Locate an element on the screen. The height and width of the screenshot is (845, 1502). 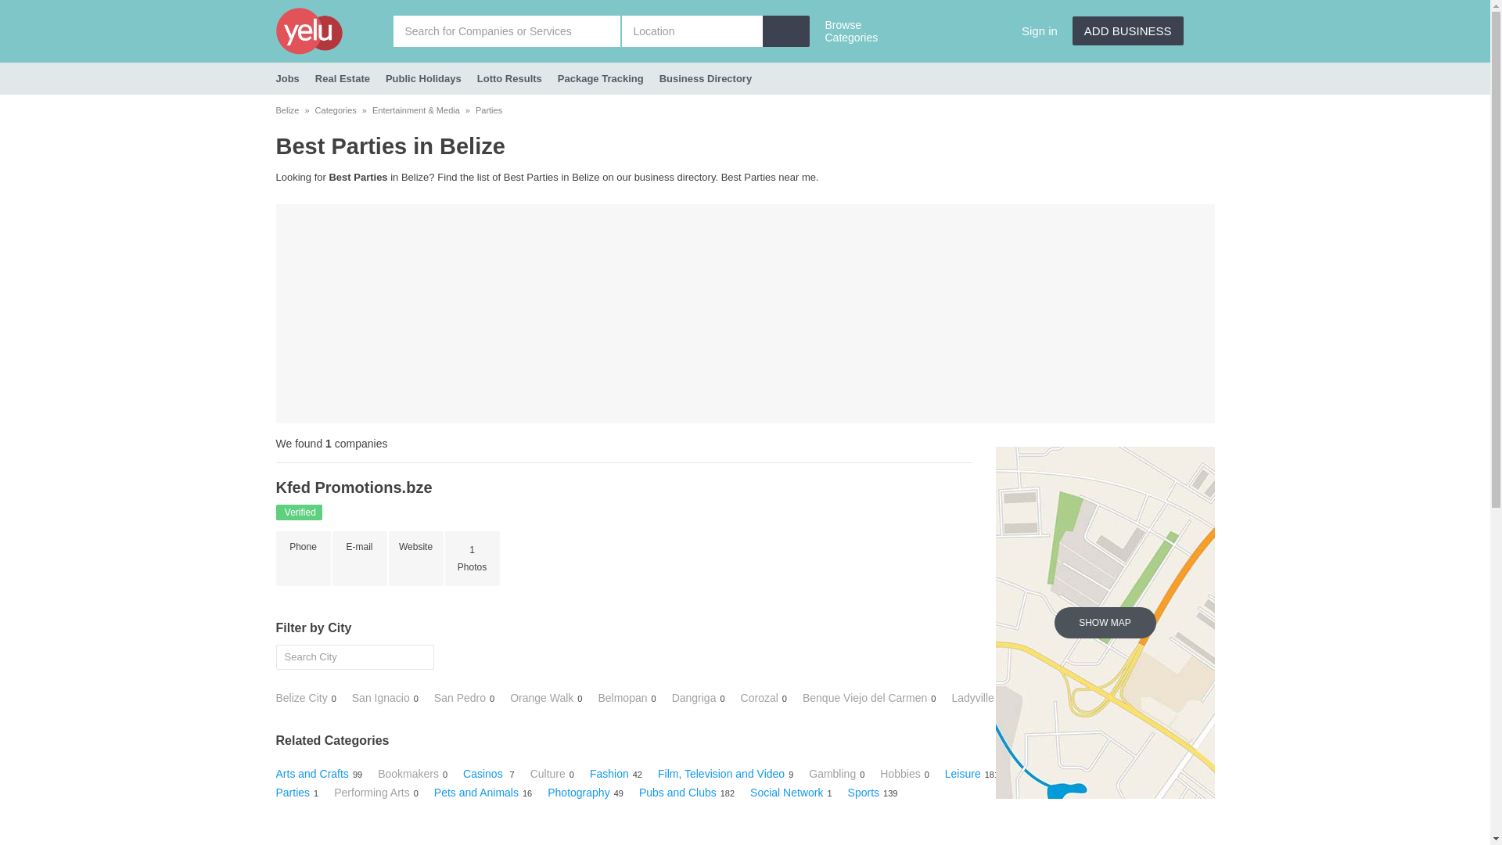
'Belize Business Directory - Yelu Belize' is located at coordinates (333, 31).